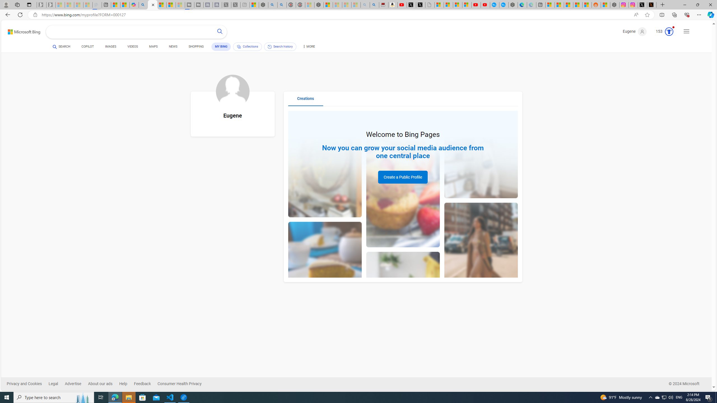 Image resolution: width=717 pixels, height=403 pixels. What do you see at coordinates (153, 47) in the screenshot?
I see `'MAPS'` at bounding box center [153, 47].